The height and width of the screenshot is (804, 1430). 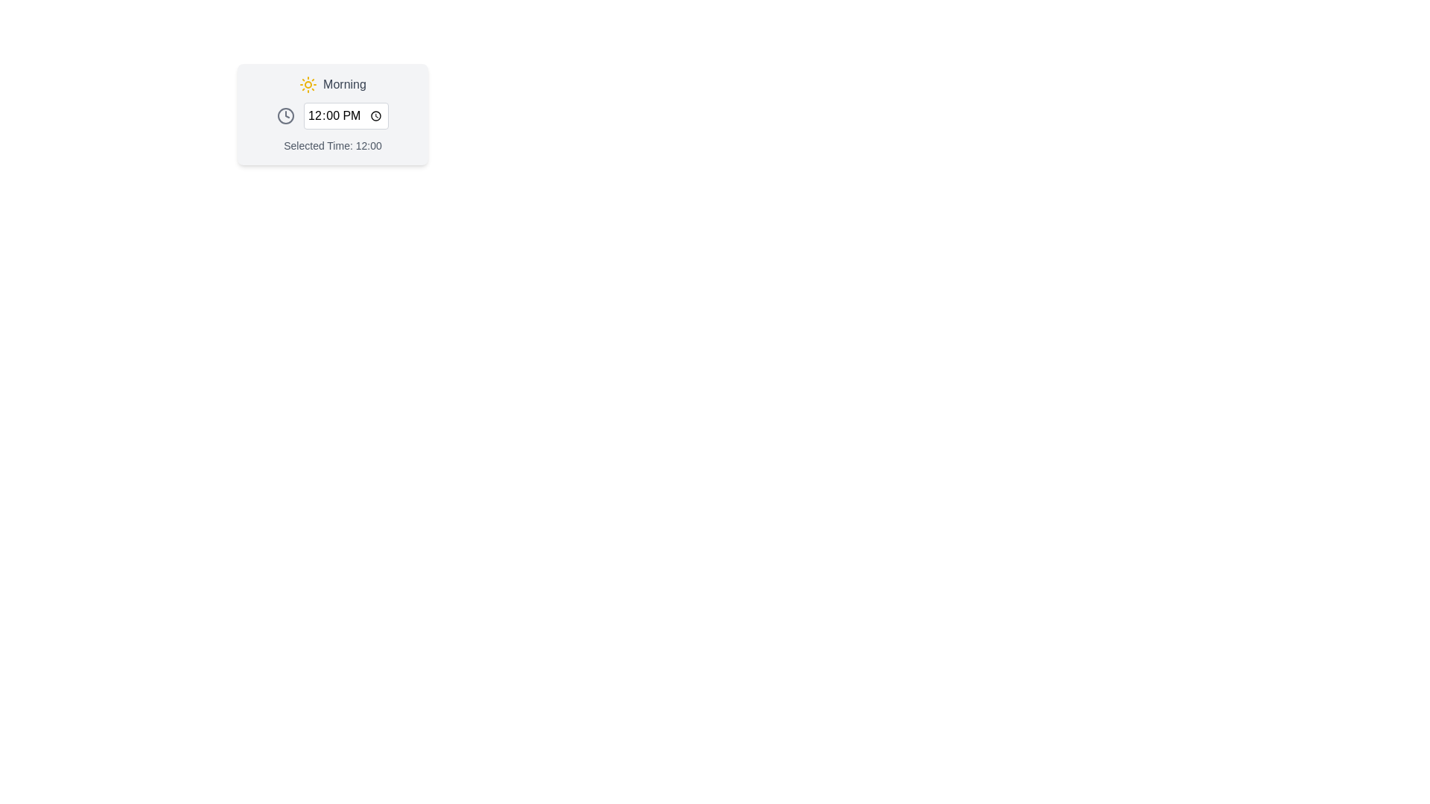 I want to click on the label indicating the selected time period 'Morning' at the top section of the card interface, so click(x=331, y=85).